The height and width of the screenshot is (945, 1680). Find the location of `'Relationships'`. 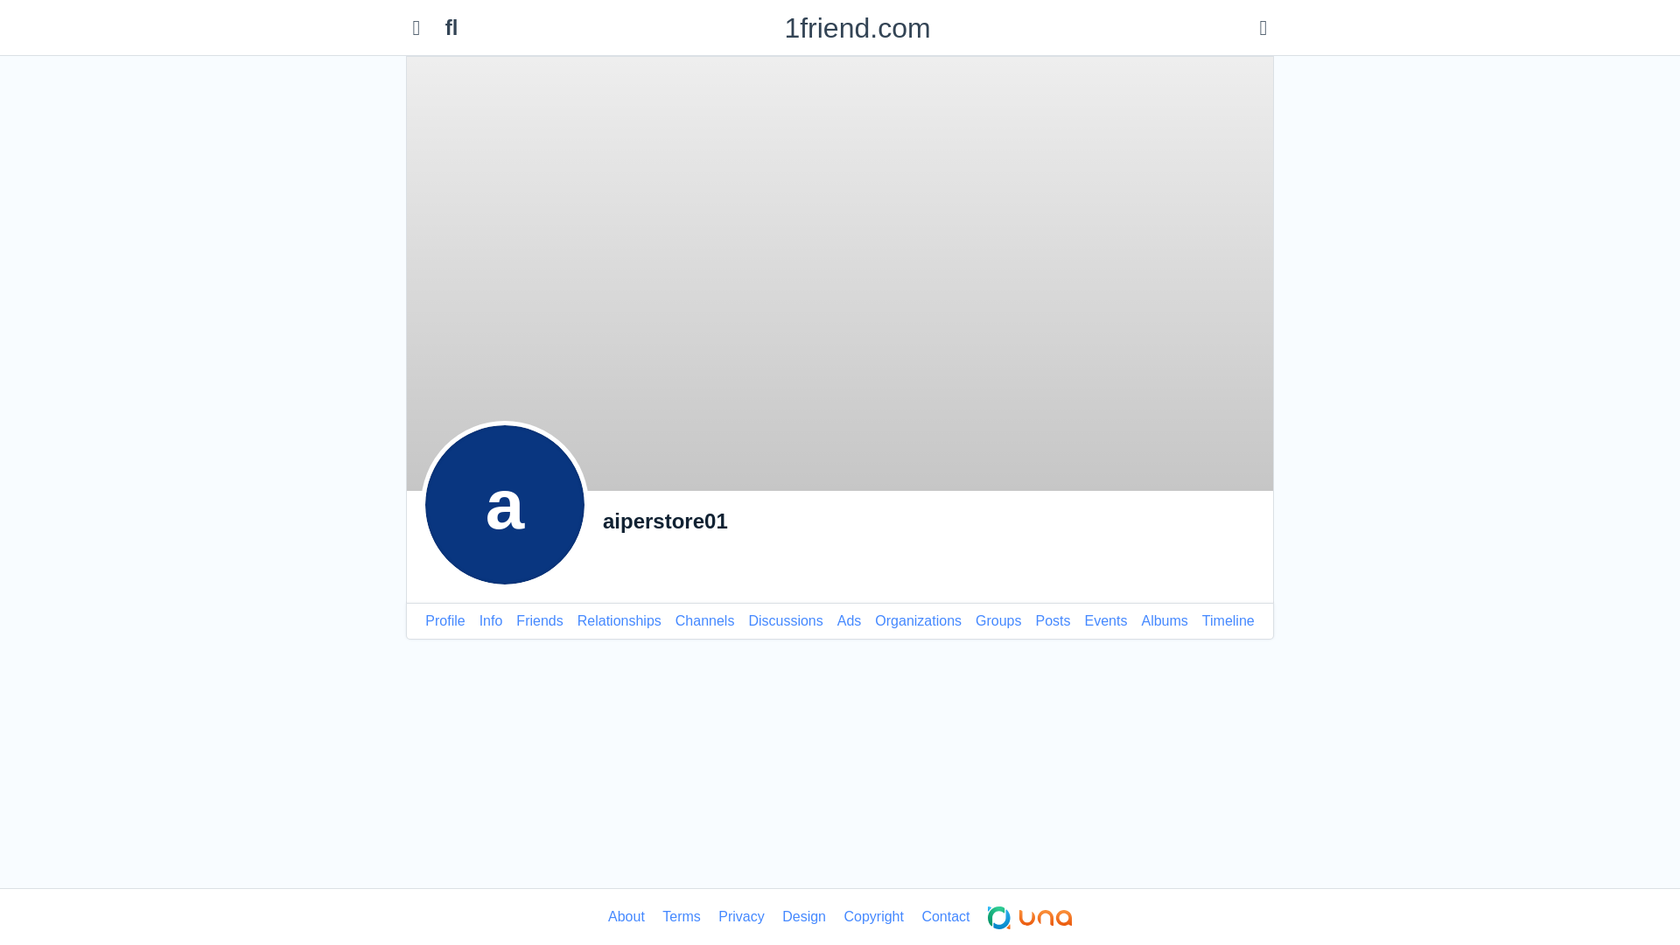

'Relationships' is located at coordinates (577, 619).